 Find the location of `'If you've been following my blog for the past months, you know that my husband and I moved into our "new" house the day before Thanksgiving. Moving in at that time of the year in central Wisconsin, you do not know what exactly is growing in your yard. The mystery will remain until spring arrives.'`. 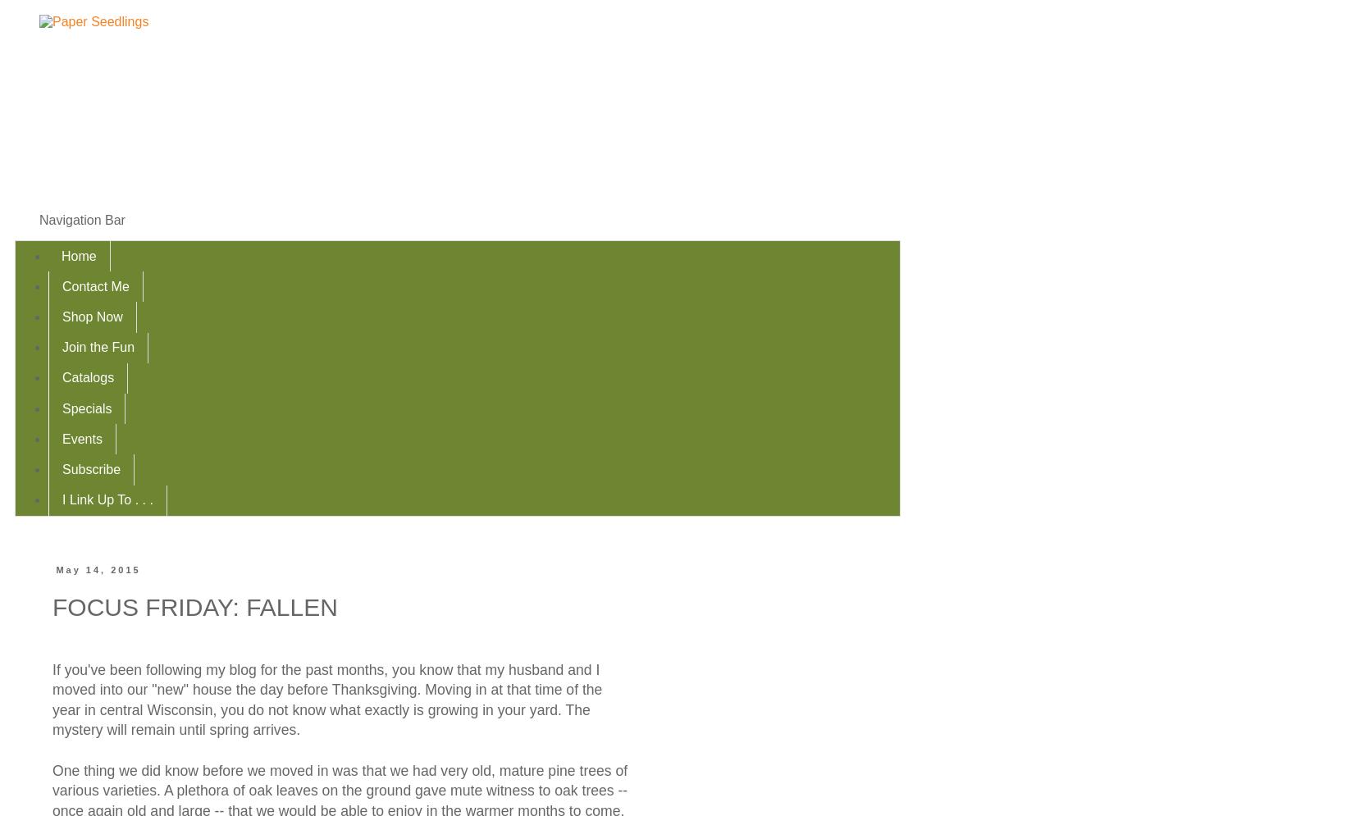

'If you've been following my blog for the past months, you know that my husband and I moved into our "new" house the day before Thanksgiving. Moving in at that time of the year in central Wisconsin, you do not know what exactly is growing in your yard. The mystery will remain until spring arrives.' is located at coordinates (326, 700).